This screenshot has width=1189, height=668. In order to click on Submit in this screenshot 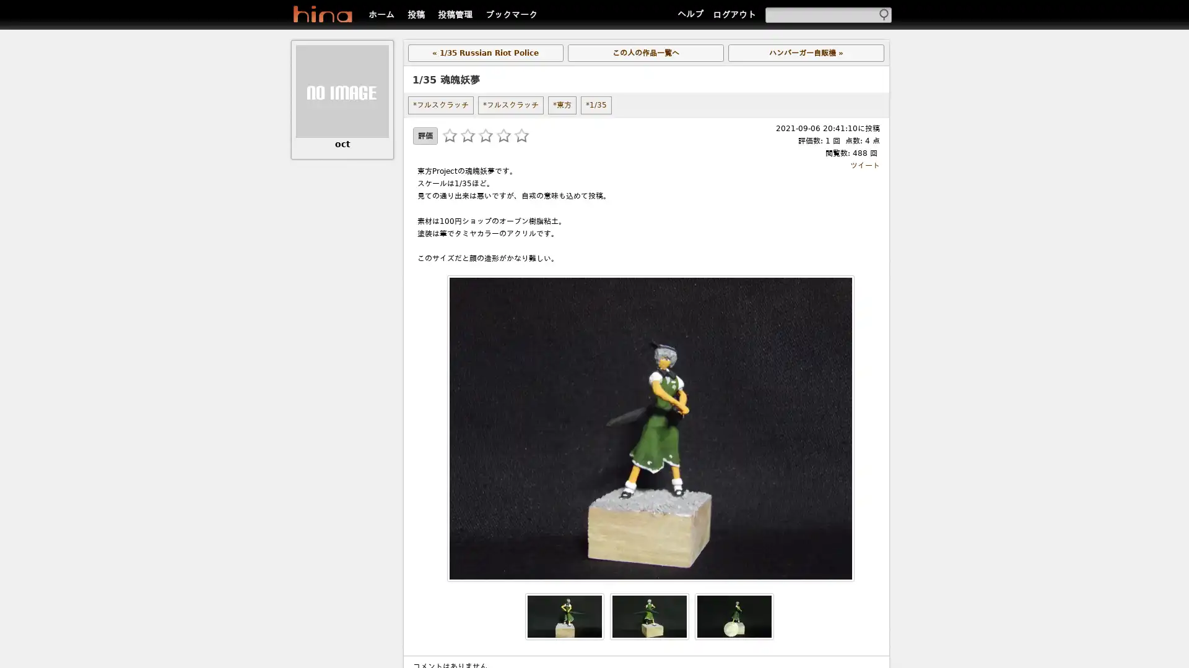, I will do `click(883, 14)`.